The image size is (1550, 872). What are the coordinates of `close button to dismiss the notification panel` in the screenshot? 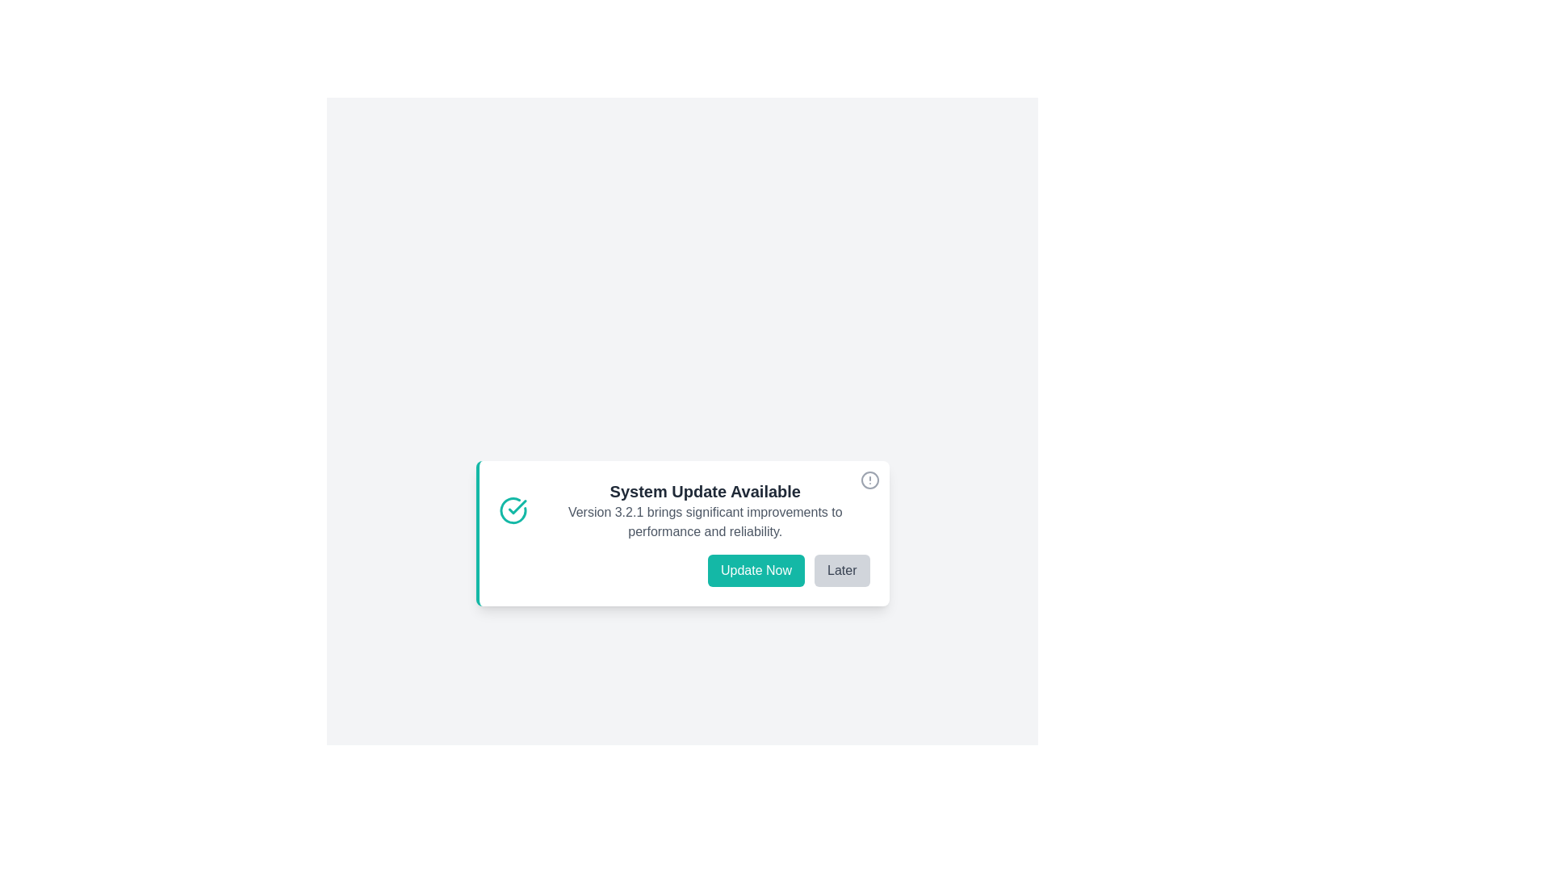 It's located at (869, 479).